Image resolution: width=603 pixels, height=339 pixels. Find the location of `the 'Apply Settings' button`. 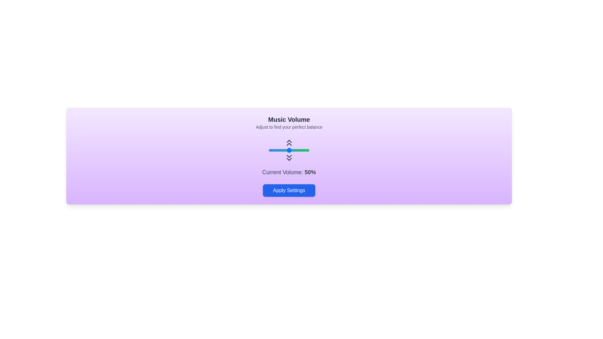

the 'Apply Settings' button is located at coordinates (289, 190).